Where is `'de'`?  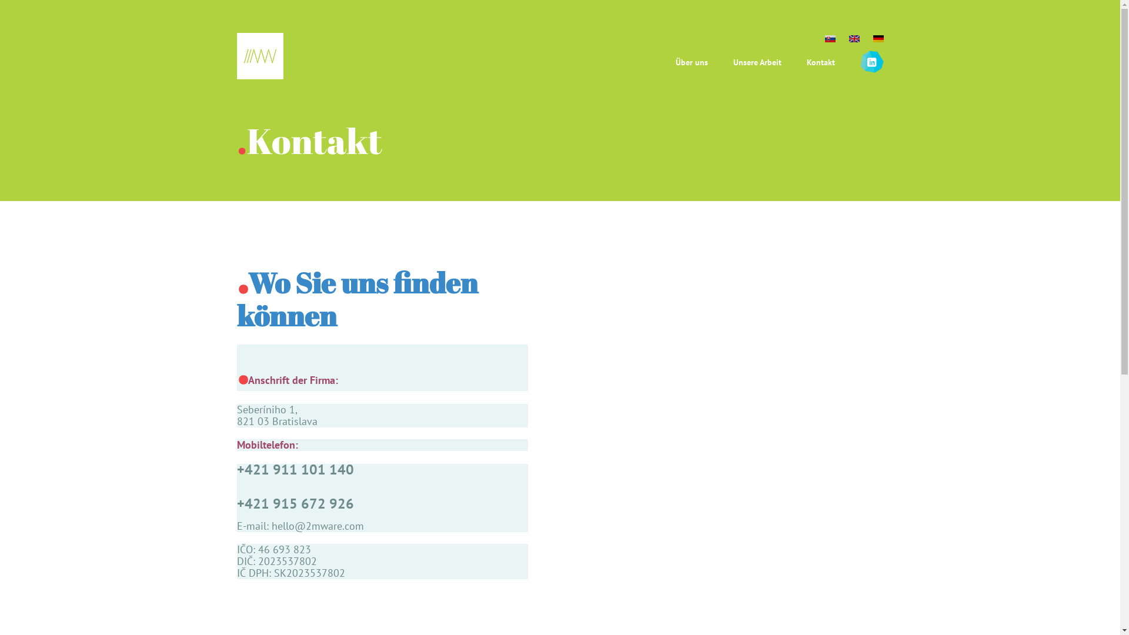
'de' is located at coordinates (877, 38).